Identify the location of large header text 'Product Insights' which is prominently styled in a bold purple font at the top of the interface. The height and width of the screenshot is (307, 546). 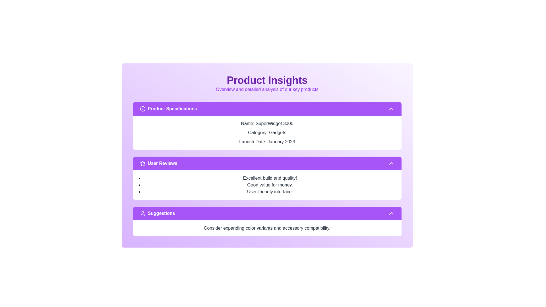
(267, 80).